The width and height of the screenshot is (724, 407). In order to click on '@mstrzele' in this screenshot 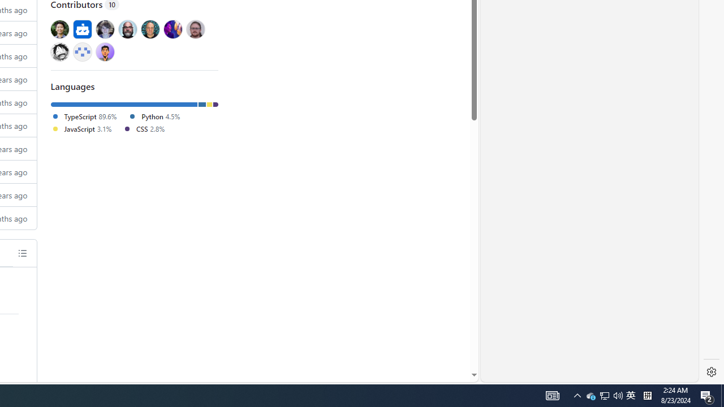, I will do `click(81, 51)`.